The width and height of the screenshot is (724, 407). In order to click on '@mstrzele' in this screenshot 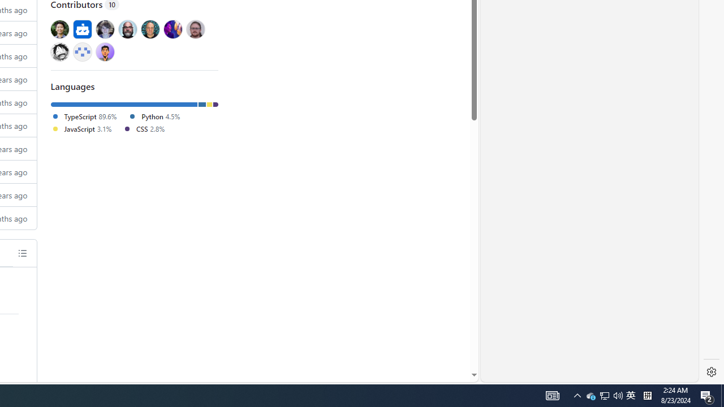, I will do `click(81, 51)`.